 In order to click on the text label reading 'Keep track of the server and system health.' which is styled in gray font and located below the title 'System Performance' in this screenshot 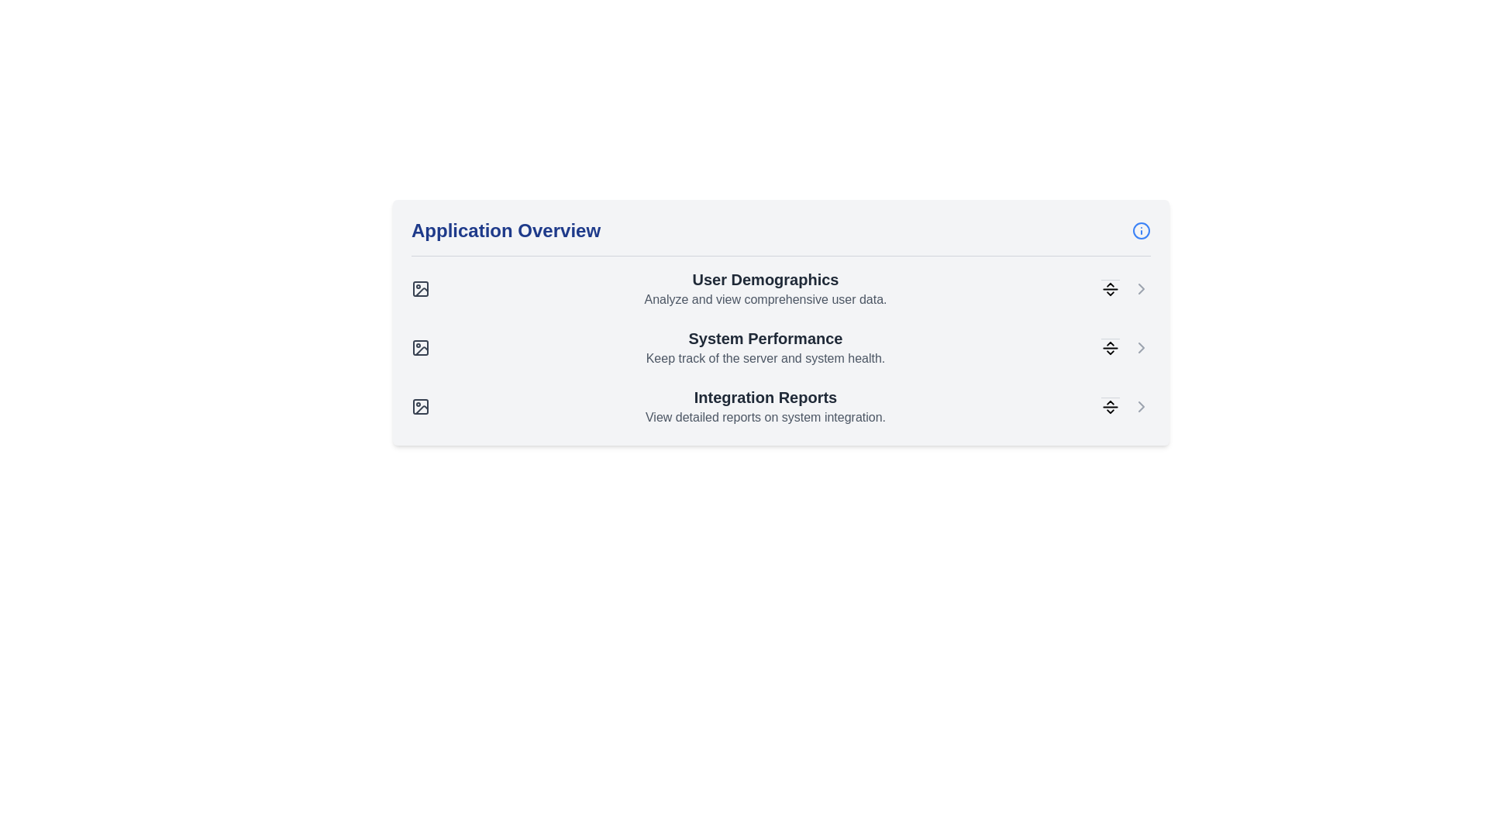, I will do `click(766, 358)`.